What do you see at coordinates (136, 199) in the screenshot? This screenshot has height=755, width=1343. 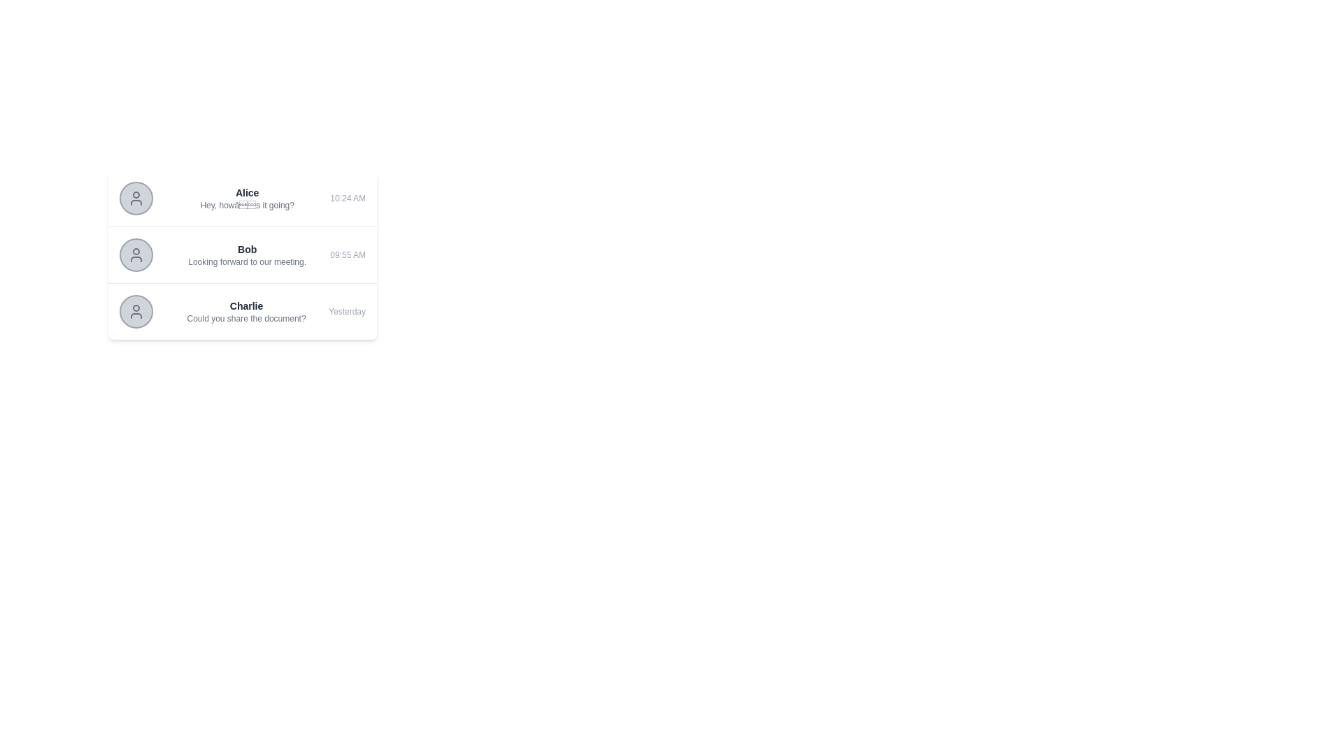 I see `the circular user profile icon outlined with a gray border, which represents 'Alice' in the user information row` at bounding box center [136, 199].